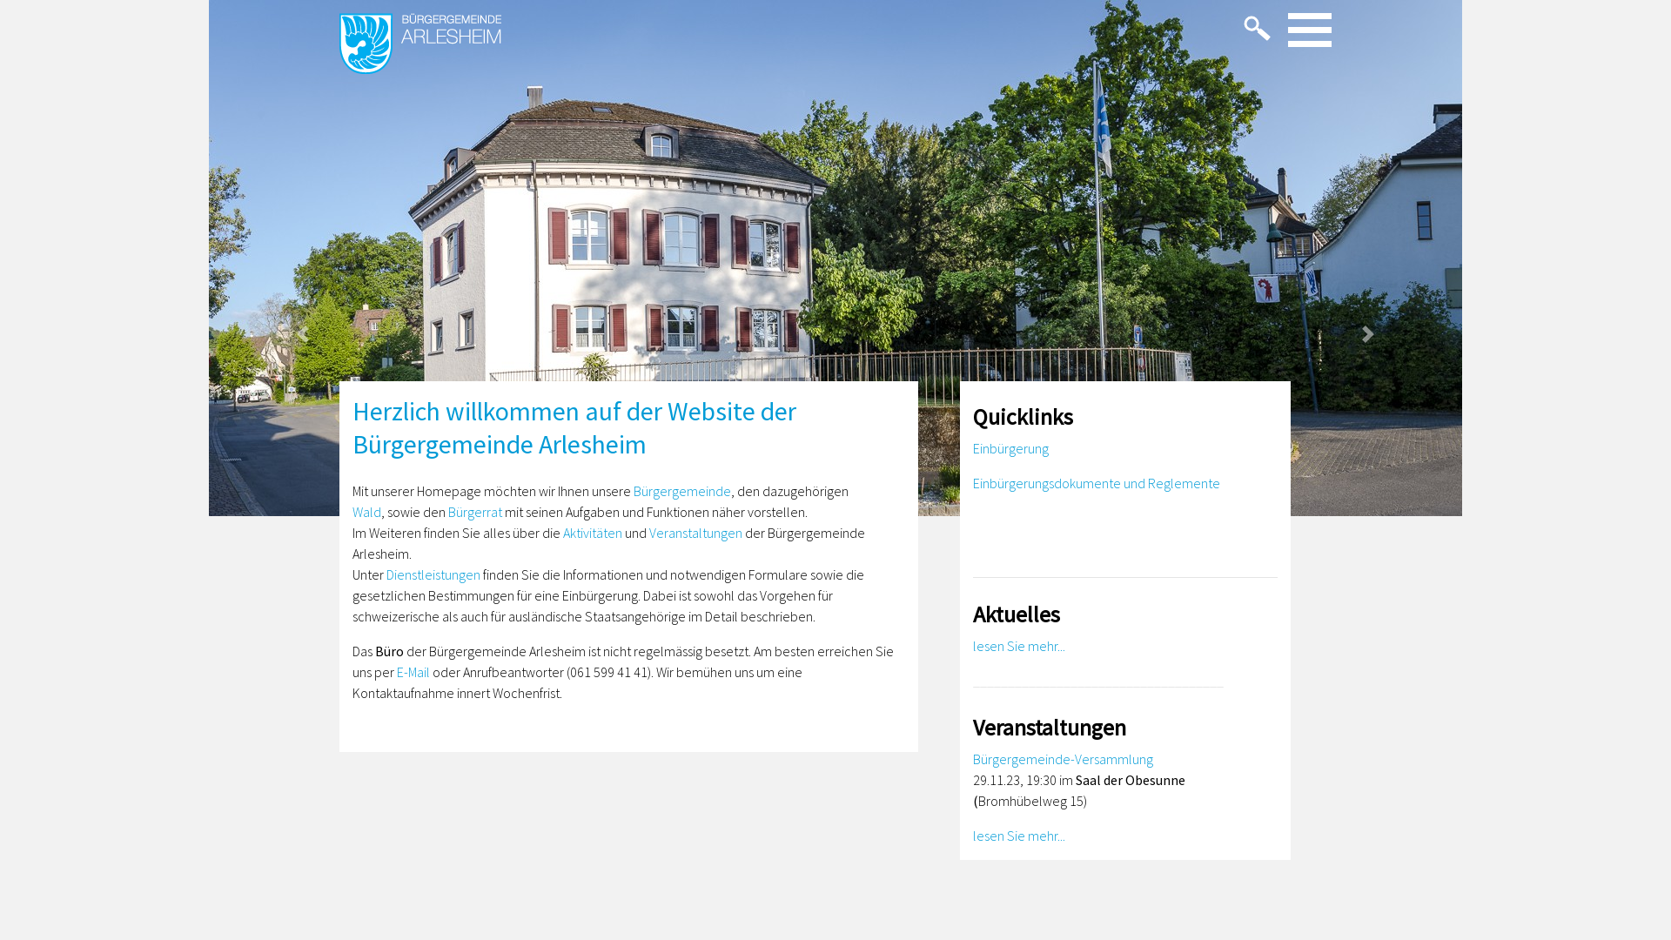 The width and height of the screenshot is (1671, 940). I want to click on 'E-Mail', so click(413, 670).